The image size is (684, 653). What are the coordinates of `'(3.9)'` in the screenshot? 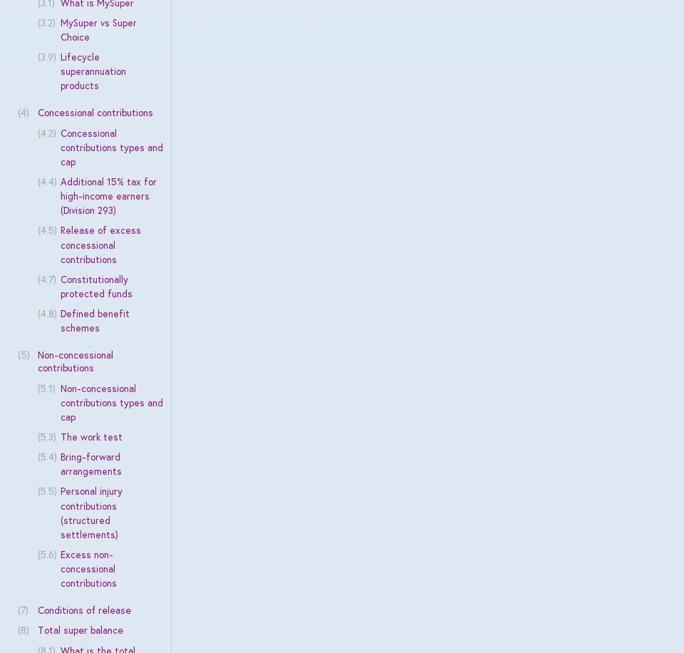 It's located at (36, 56).